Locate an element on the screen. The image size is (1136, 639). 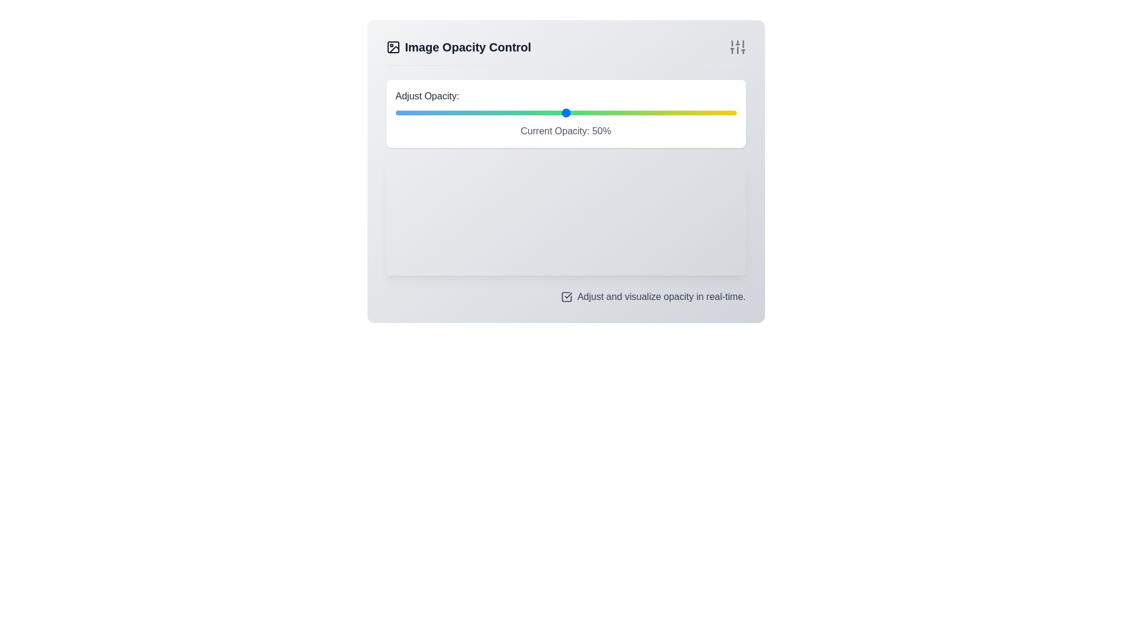
the opacity is located at coordinates (650, 113).